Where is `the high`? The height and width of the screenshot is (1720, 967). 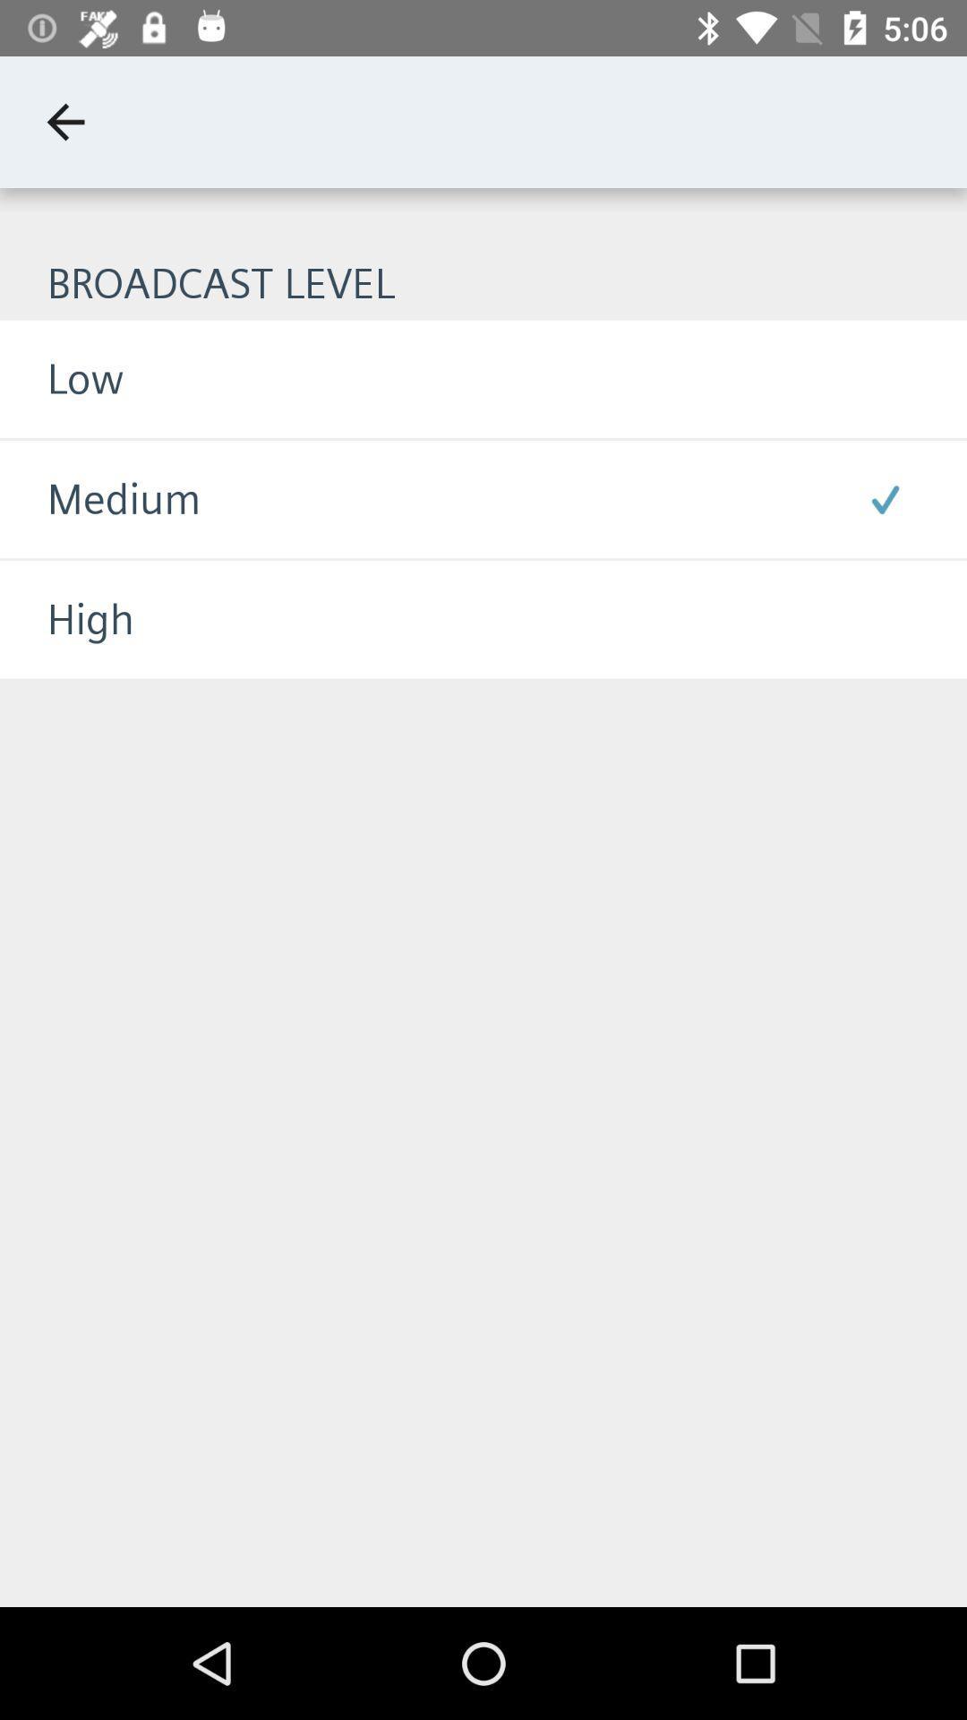
the high is located at coordinates (65, 619).